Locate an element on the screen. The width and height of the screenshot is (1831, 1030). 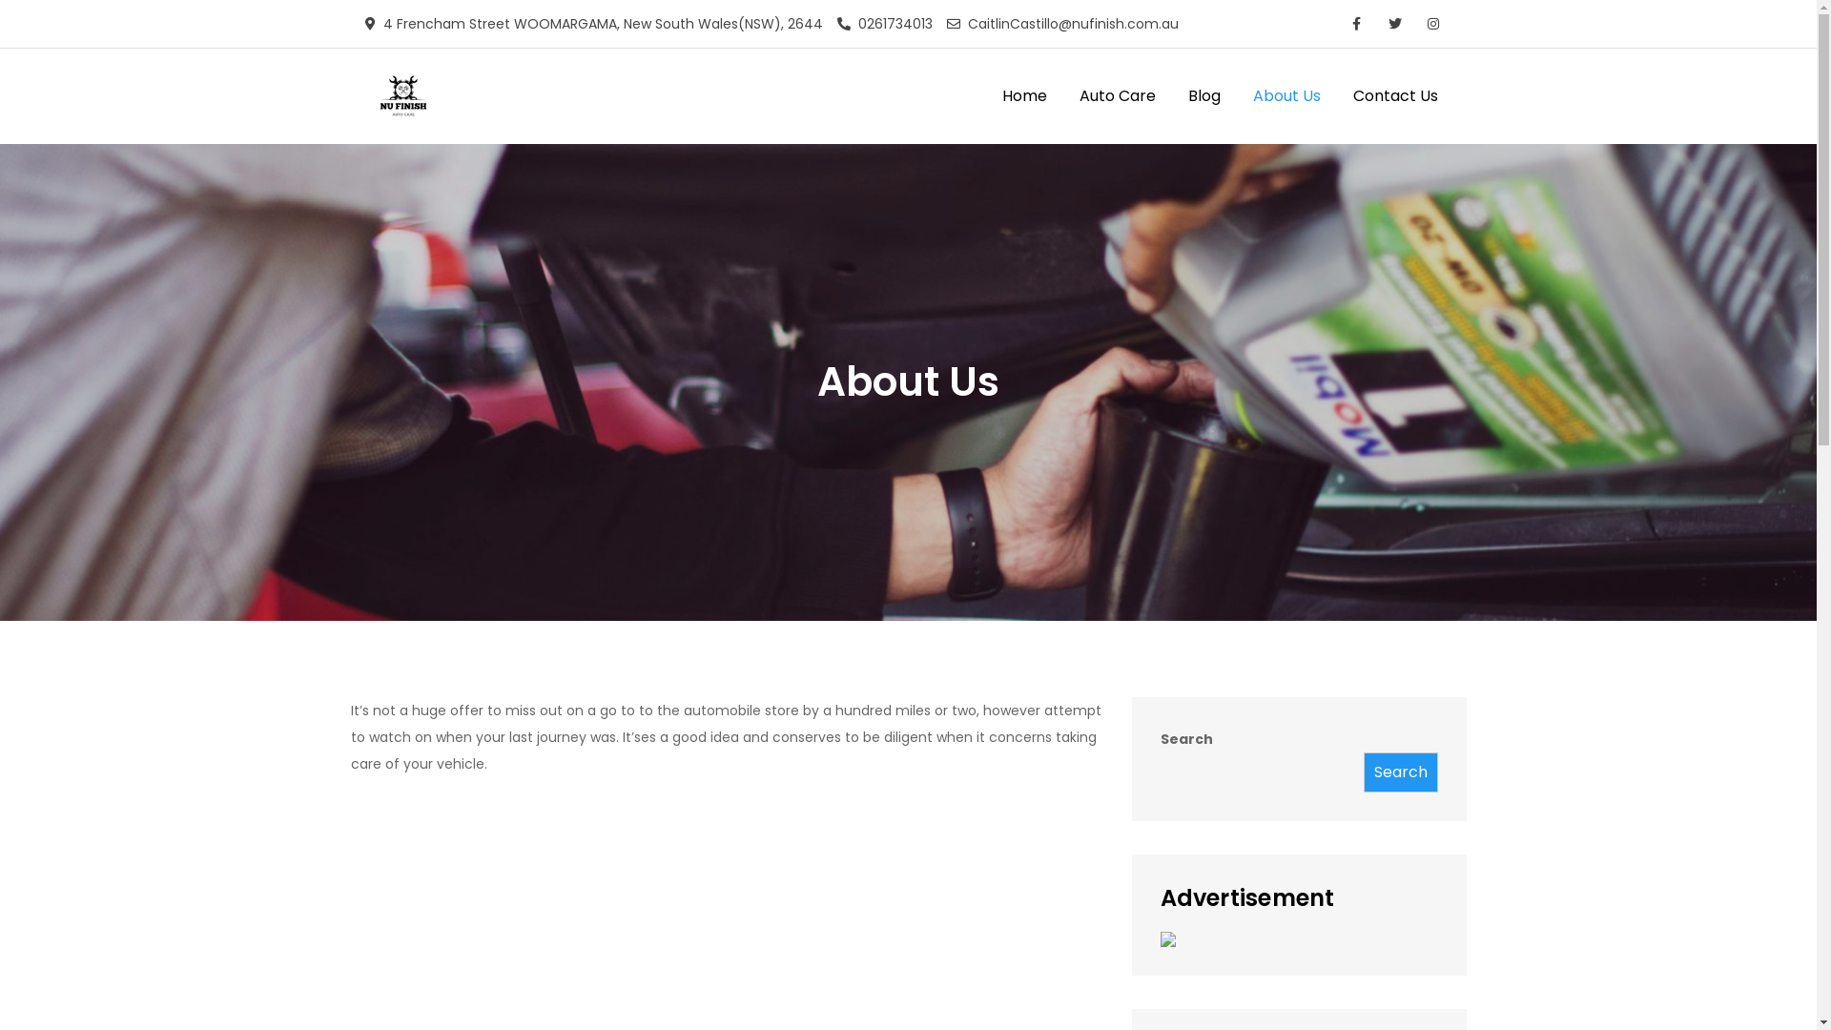
'CaitlinCastillo@nufinish.com.au' is located at coordinates (1060, 23).